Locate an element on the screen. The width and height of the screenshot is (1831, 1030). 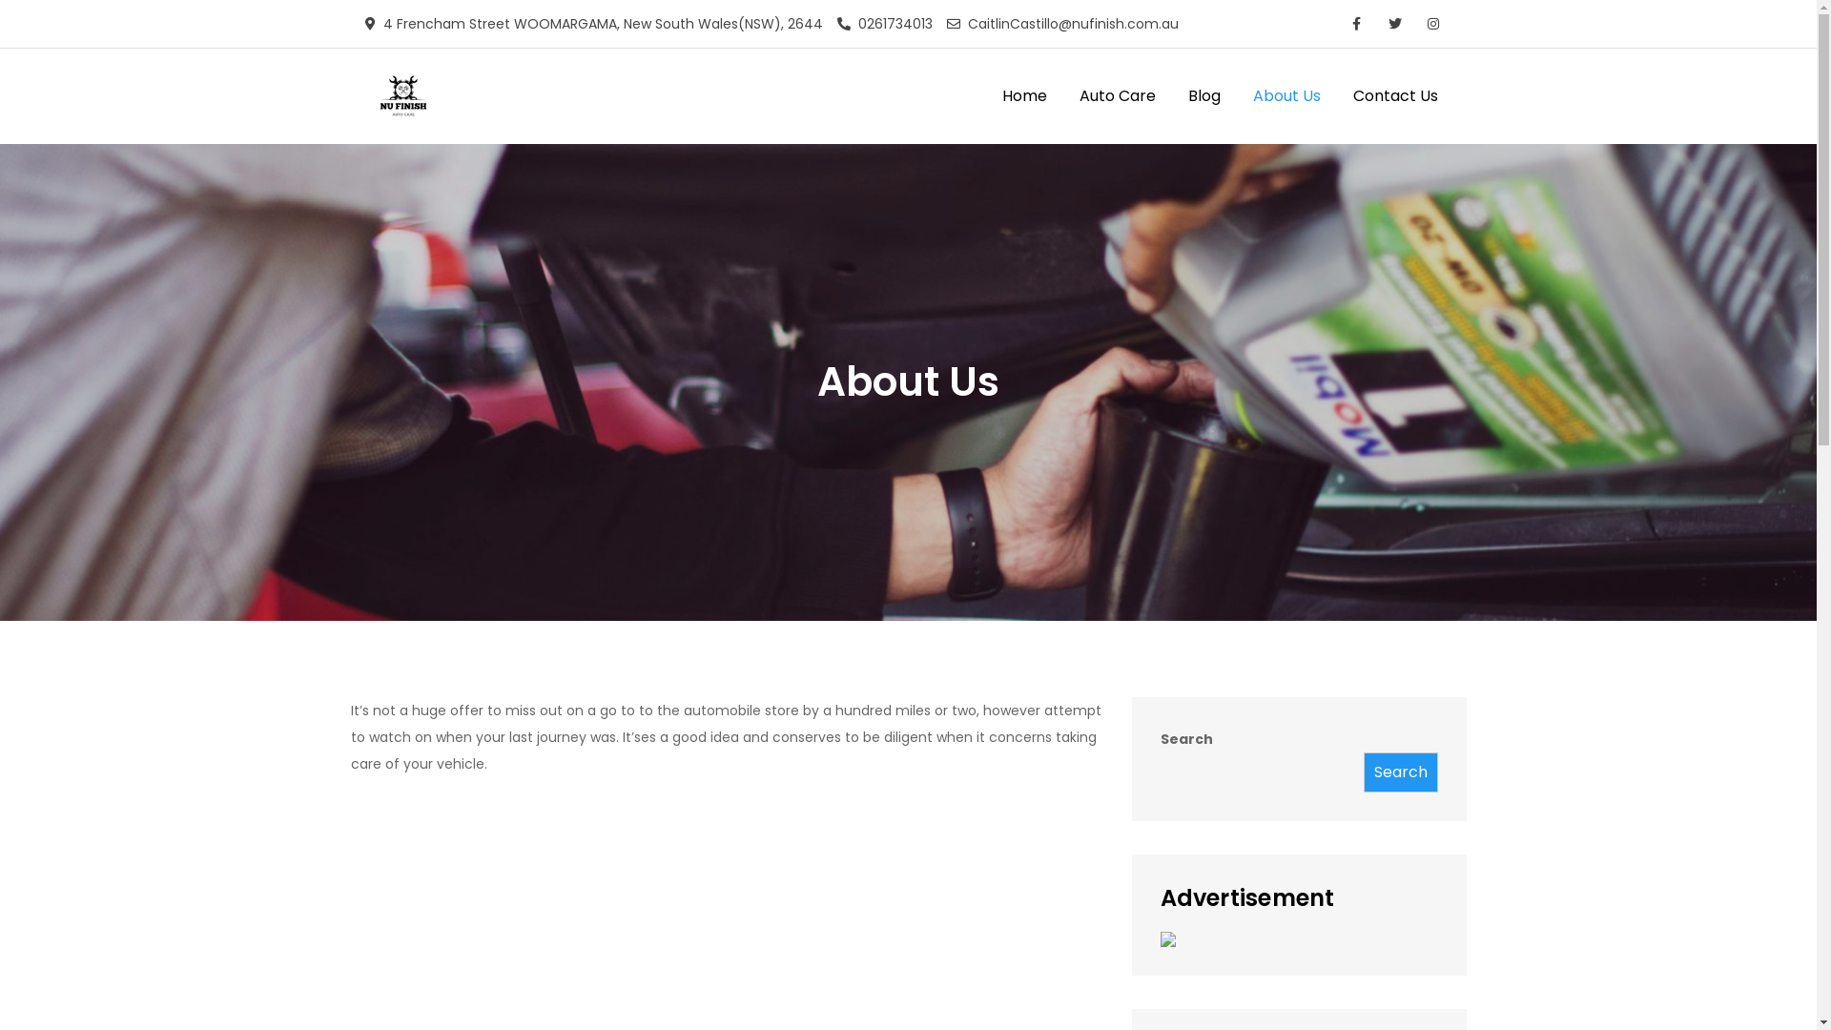
'CaitlinCastillo@nufinish.com.au' is located at coordinates (1060, 23).